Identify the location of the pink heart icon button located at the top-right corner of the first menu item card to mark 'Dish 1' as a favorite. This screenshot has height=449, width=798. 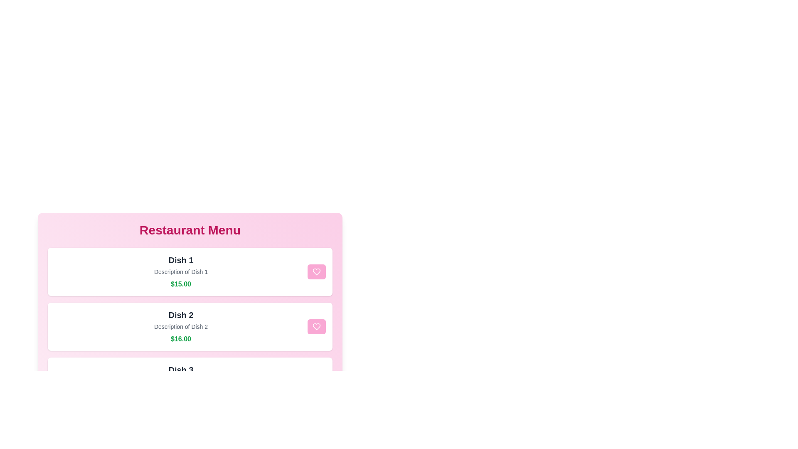
(316, 272).